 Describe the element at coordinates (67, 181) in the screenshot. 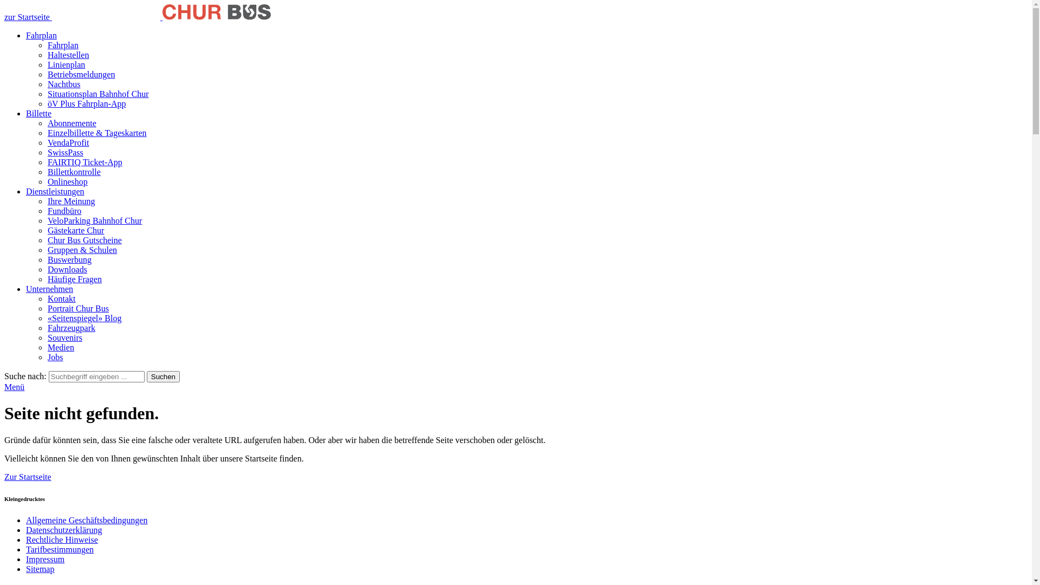

I see `'Onlineshop'` at that location.